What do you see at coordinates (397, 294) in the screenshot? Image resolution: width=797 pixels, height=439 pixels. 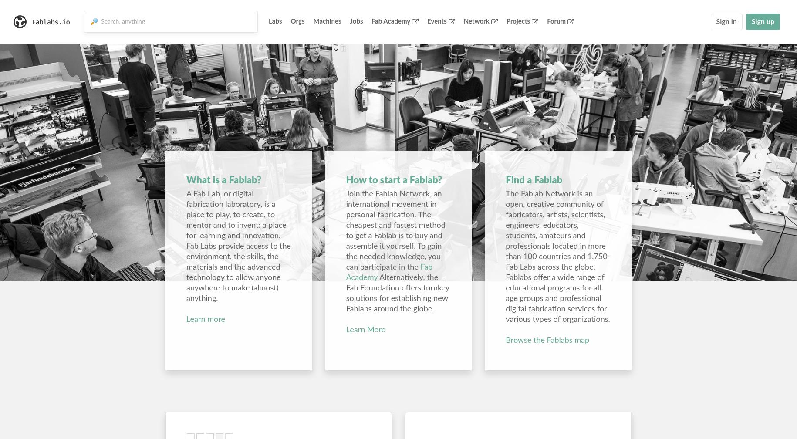 I see `'Alternatively, the Fab Foundation offers turnkey solutions for establishing new Fablabs around the globe.'` at bounding box center [397, 294].